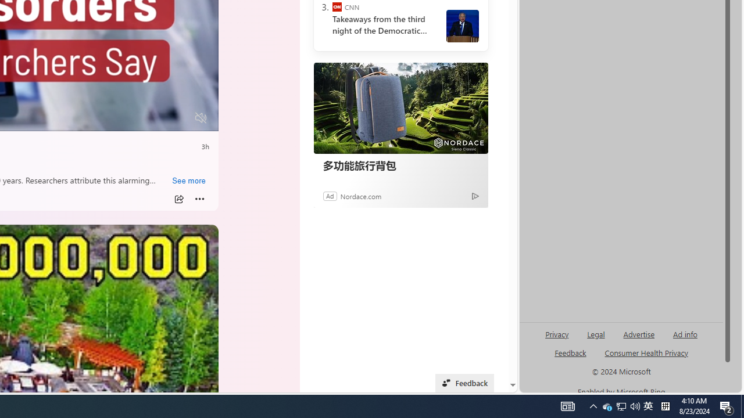 Image resolution: width=744 pixels, height=418 pixels. I want to click on 'Class: at-item inline-watch', so click(199, 199).